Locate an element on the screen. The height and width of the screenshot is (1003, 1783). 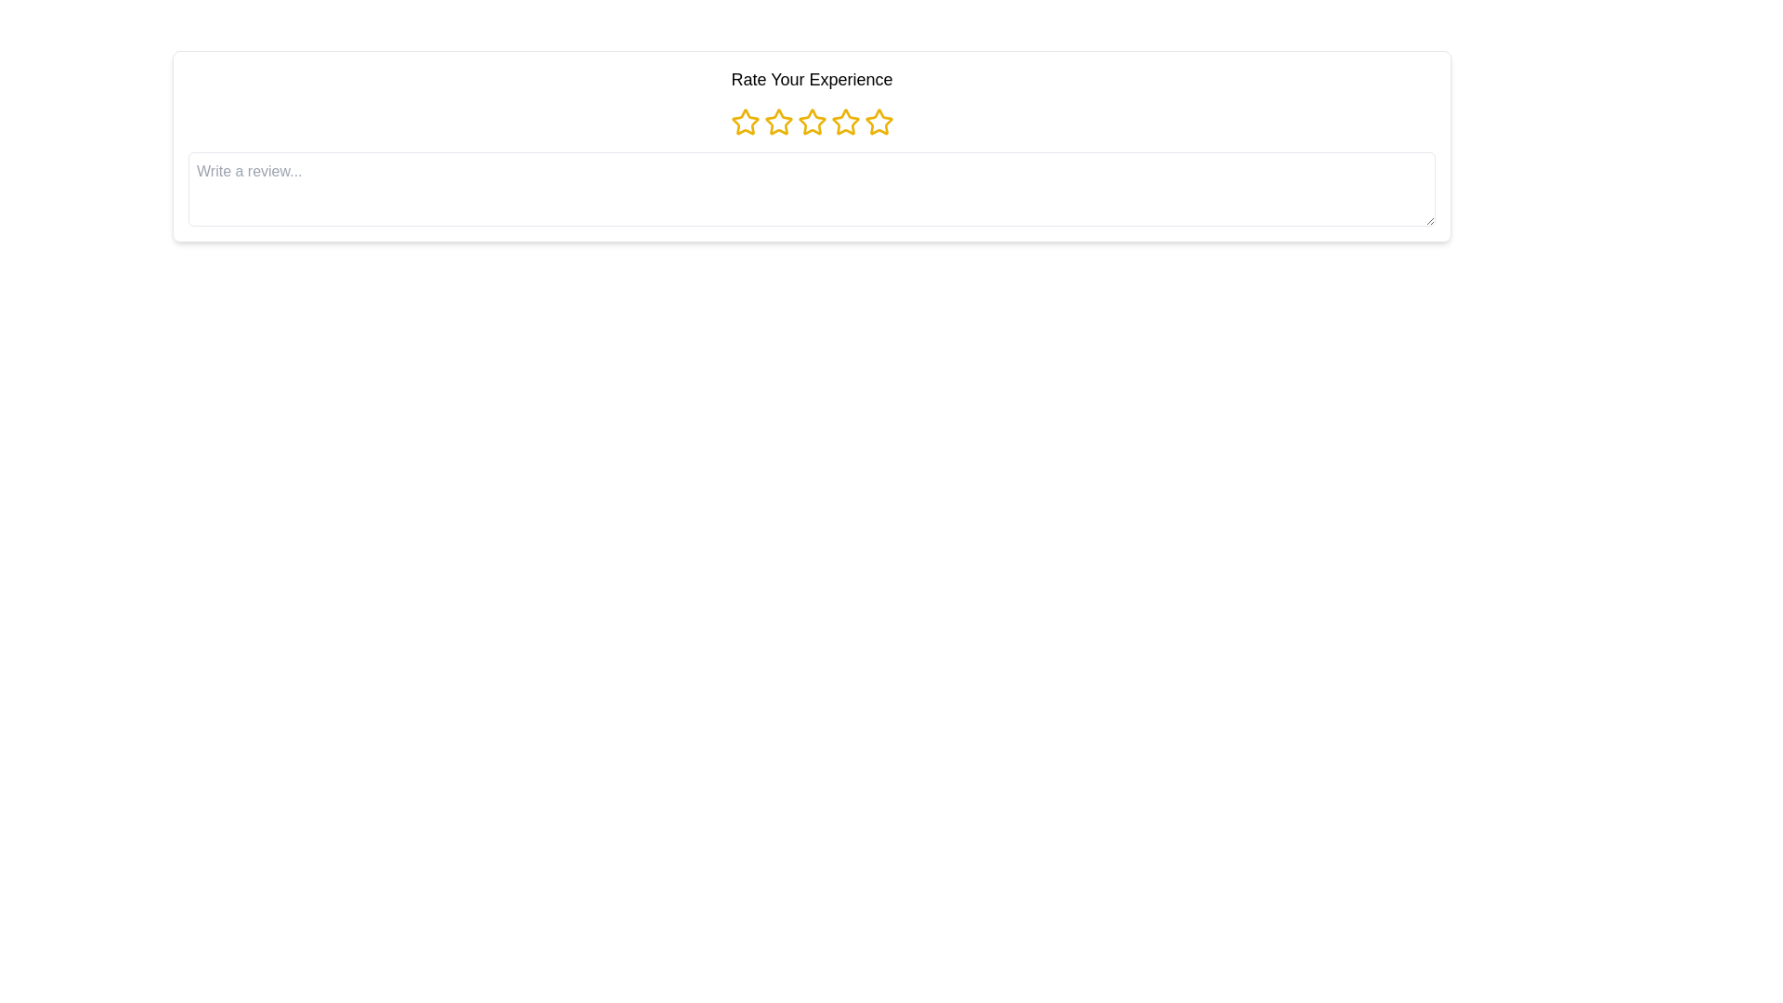
the first Rating Star icon, which is a bold yellow outlined star against a white background, located at the center top of the page below the 'Rate Your Experience' label is located at coordinates (745, 122).